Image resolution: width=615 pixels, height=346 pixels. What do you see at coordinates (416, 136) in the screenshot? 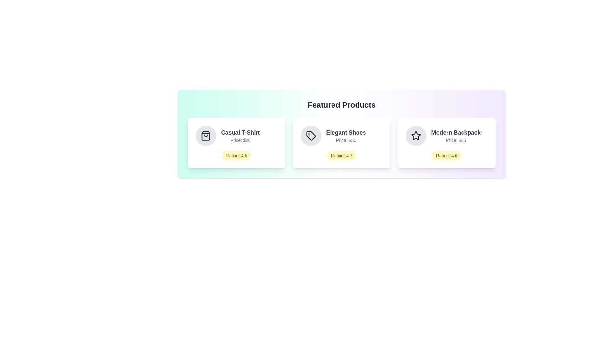
I see `the icon of the product named Modern Backpack` at bounding box center [416, 136].